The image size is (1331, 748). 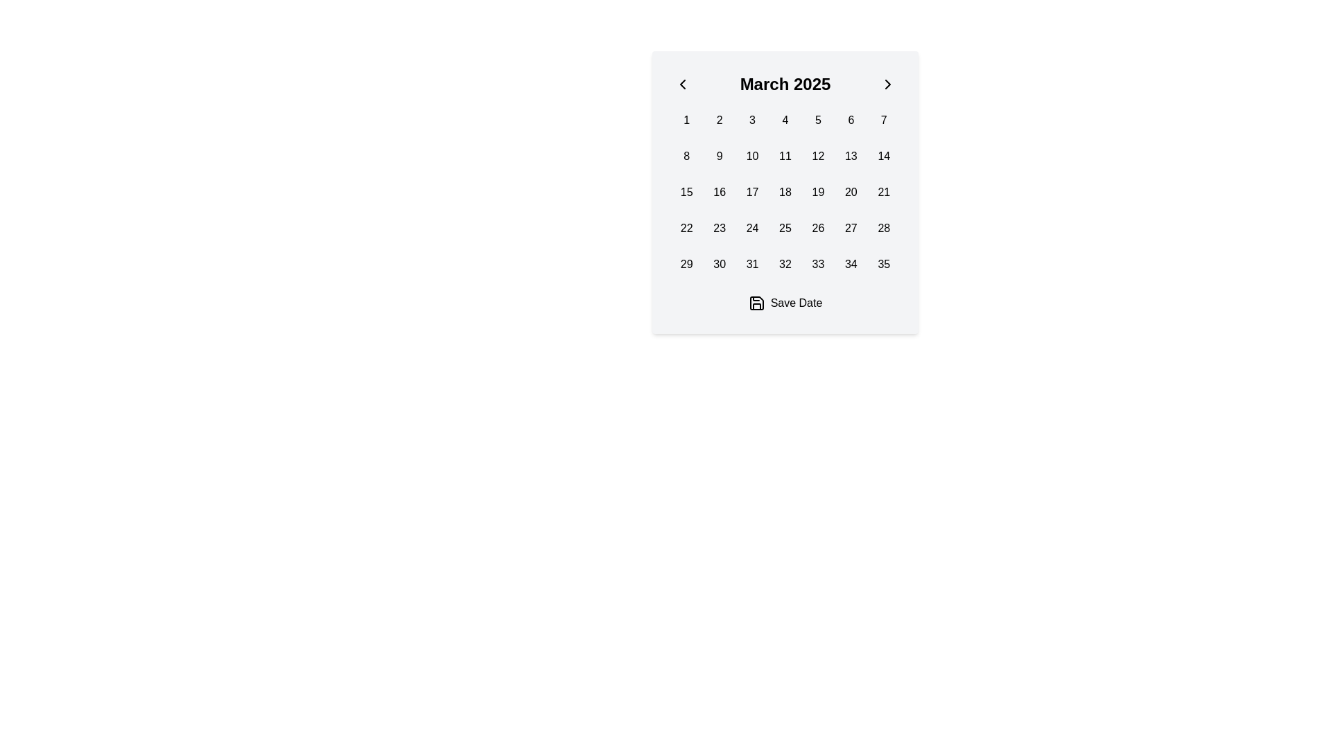 What do you see at coordinates (818, 119) in the screenshot?
I see `the selectable calendar date button for the 5th day of the month` at bounding box center [818, 119].